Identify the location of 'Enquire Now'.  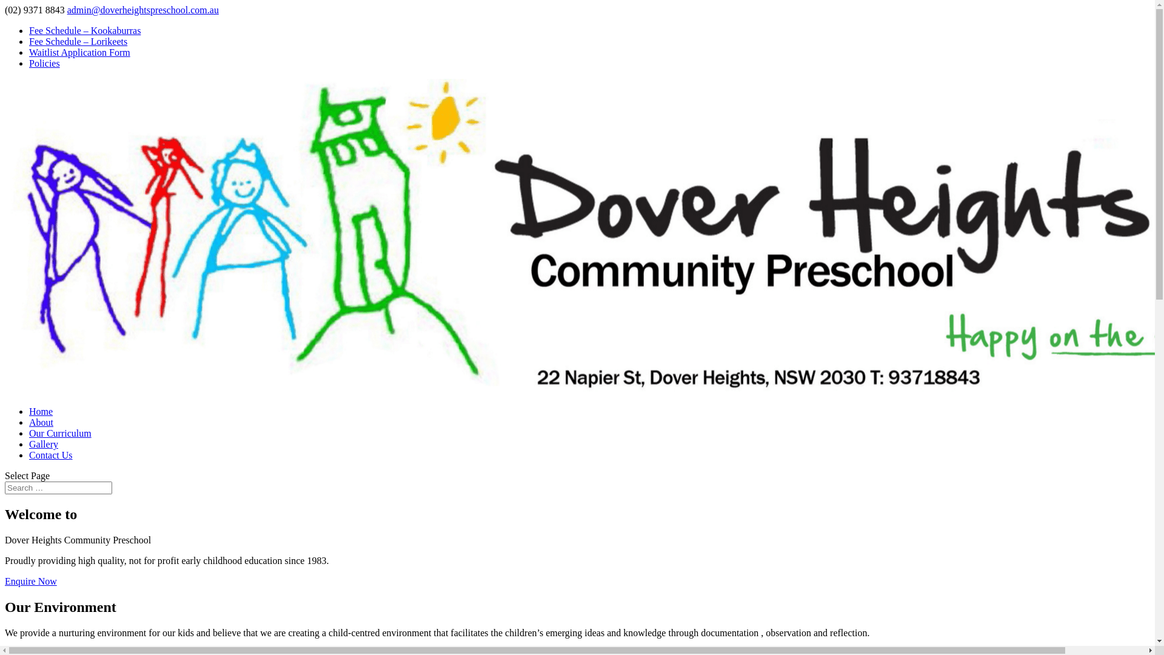
(31, 580).